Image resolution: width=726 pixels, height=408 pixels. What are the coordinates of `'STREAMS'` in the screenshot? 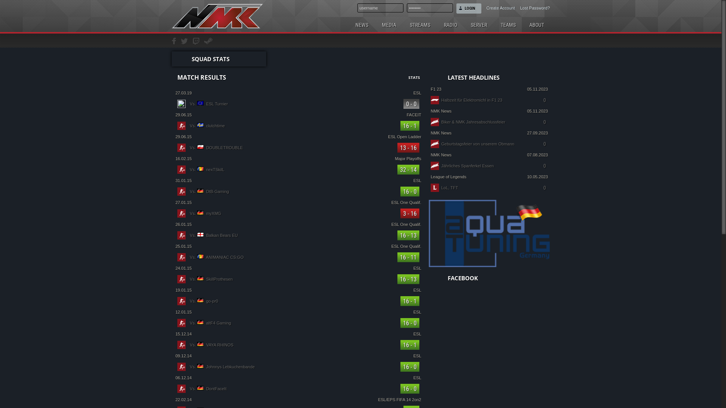 It's located at (419, 24).